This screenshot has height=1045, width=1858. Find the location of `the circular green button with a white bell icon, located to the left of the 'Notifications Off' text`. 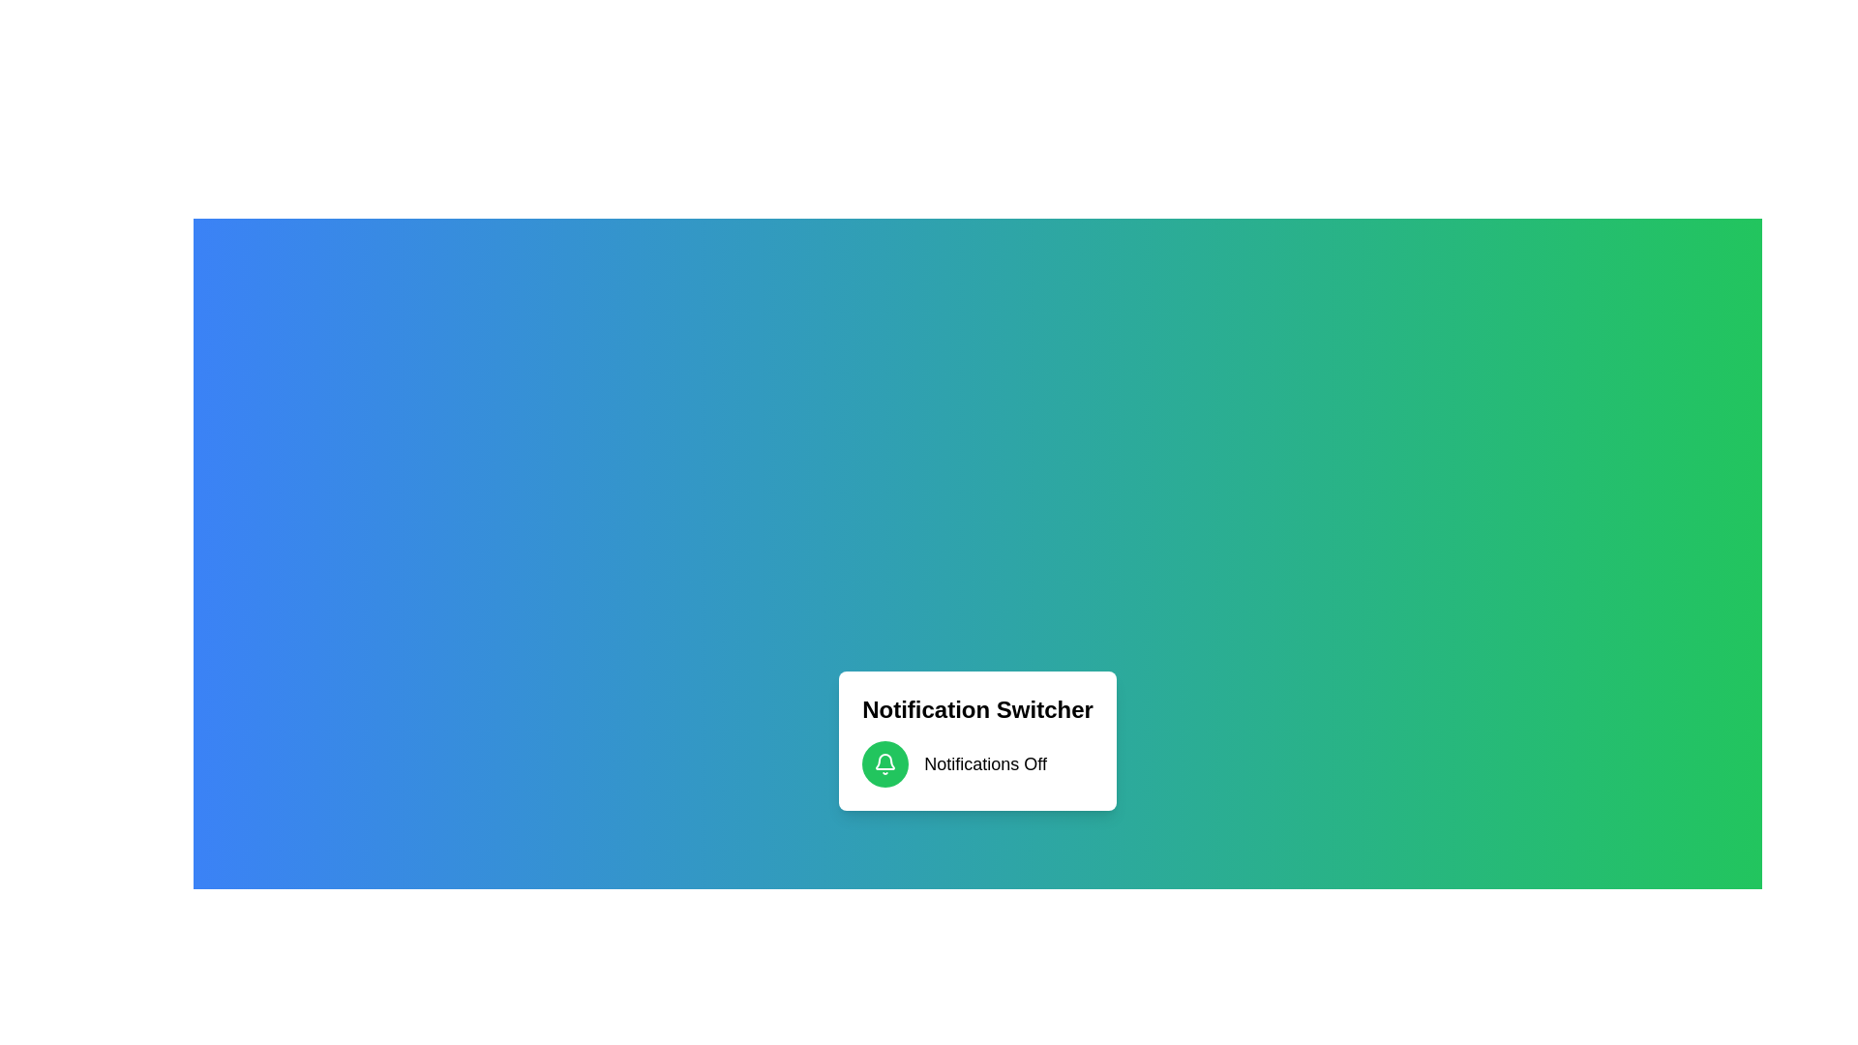

the circular green button with a white bell icon, located to the left of the 'Notifications Off' text is located at coordinates (884, 763).